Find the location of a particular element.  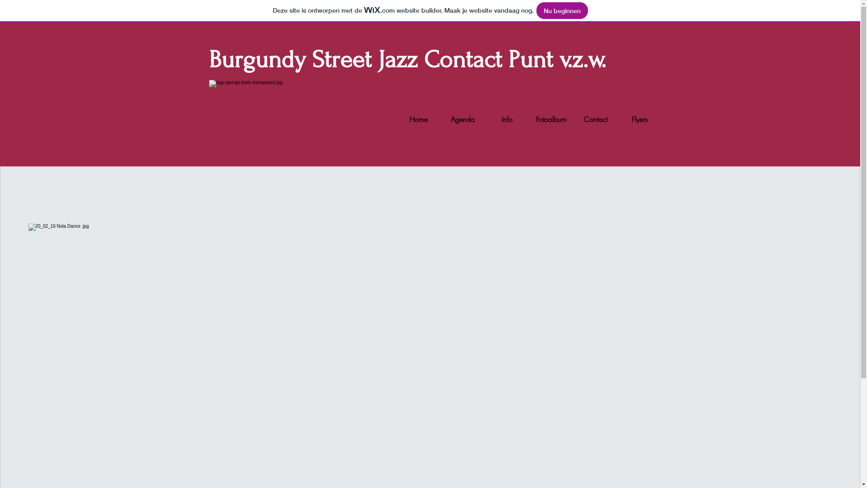

'Agenda' is located at coordinates (463, 118).